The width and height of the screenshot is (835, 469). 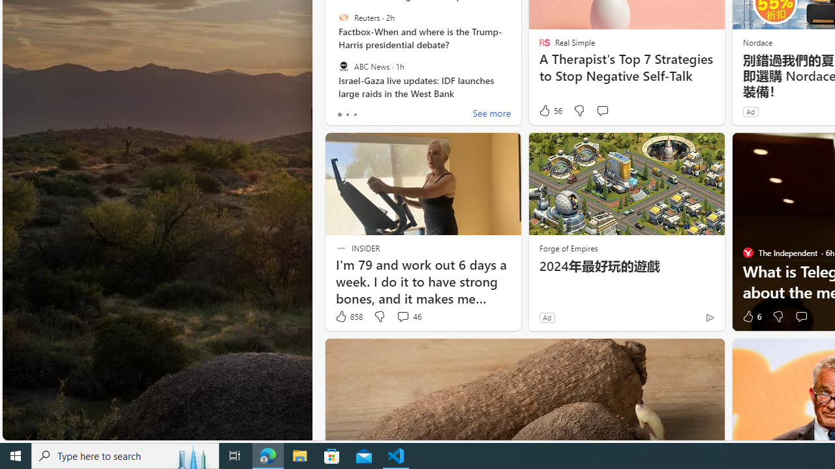 What do you see at coordinates (491, 114) in the screenshot?
I see `'See more'` at bounding box center [491, 114].